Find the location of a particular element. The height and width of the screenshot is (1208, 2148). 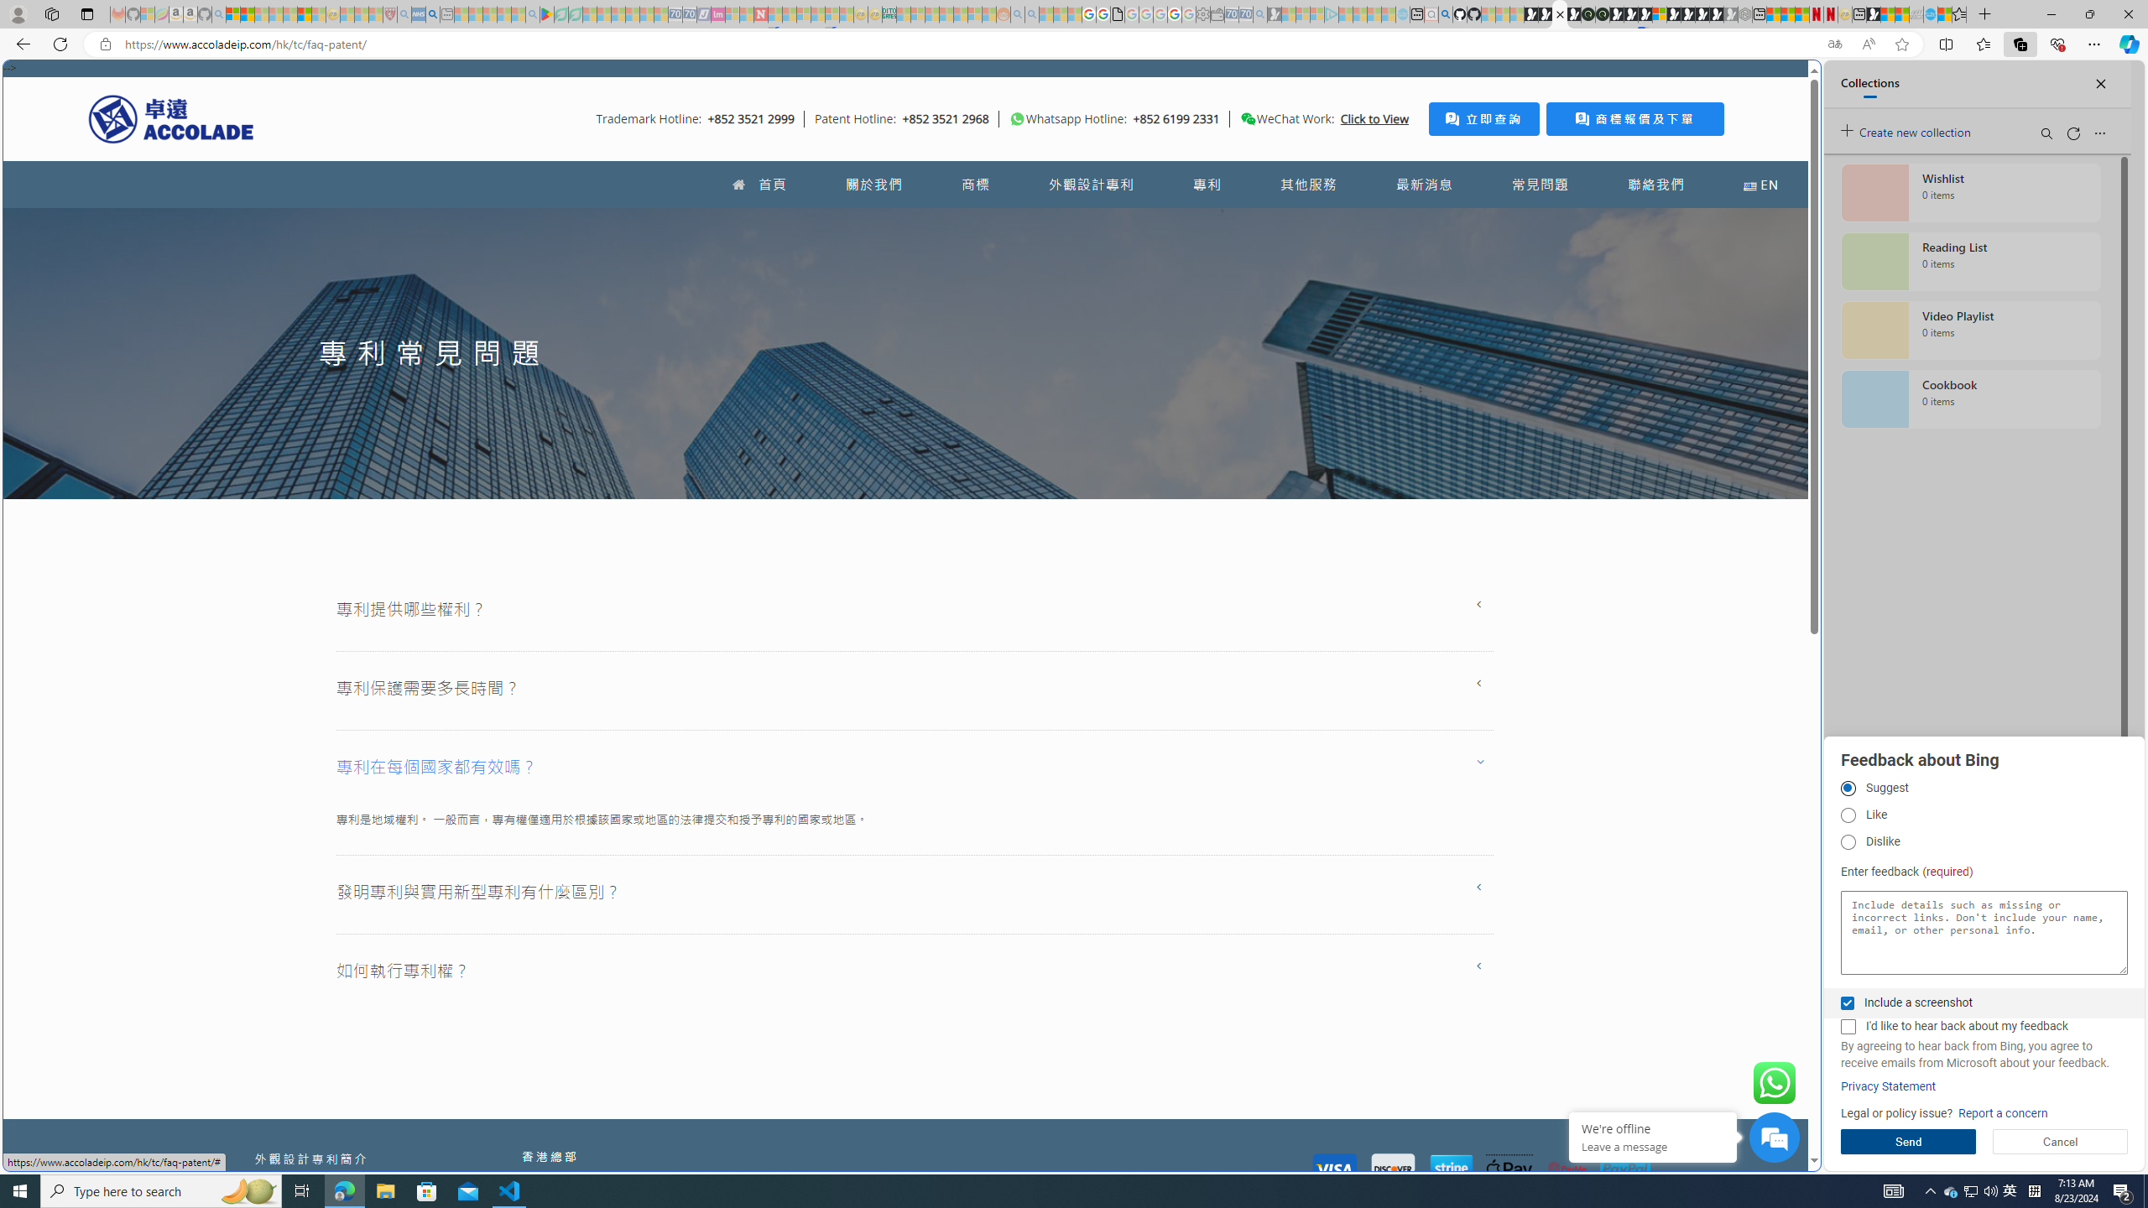

'Jobs - lastminute.com Investor Portal - Sleeping' is located at coordinates (718, 13).